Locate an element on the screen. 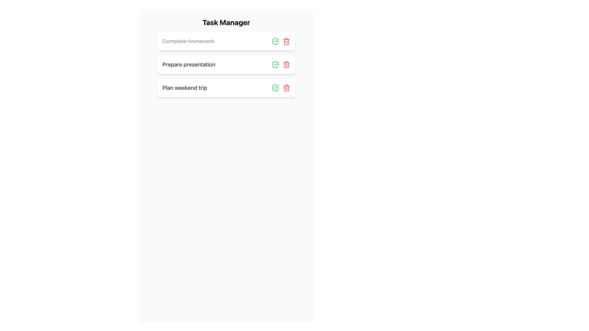 The width and height of the screenshot is (589, 331). the red trash icon button is located at coordinates (286, 41).